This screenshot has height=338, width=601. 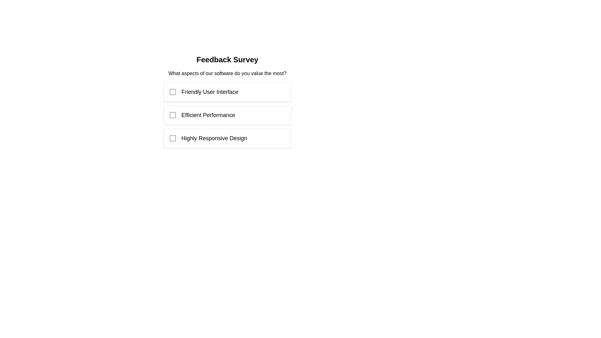 What do you see at coordinates (172, 115) in the screenshot?
I see `the checkbox with a gray outline located to the left of the text 'Efficient Performance' in the feedback survey interface` at bounding box center [172, 115].